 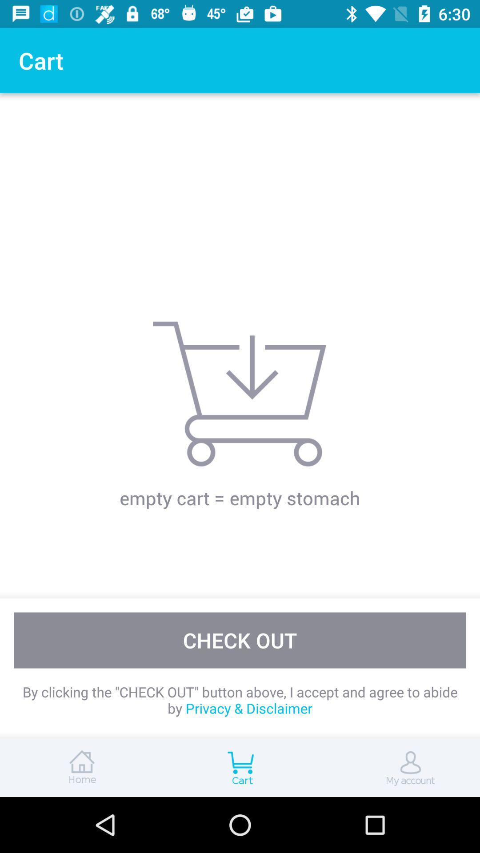 What do you see at coordinates (399, 767) in the screenshot?
I see `the microphone icon` at bounding box center [399, 767].